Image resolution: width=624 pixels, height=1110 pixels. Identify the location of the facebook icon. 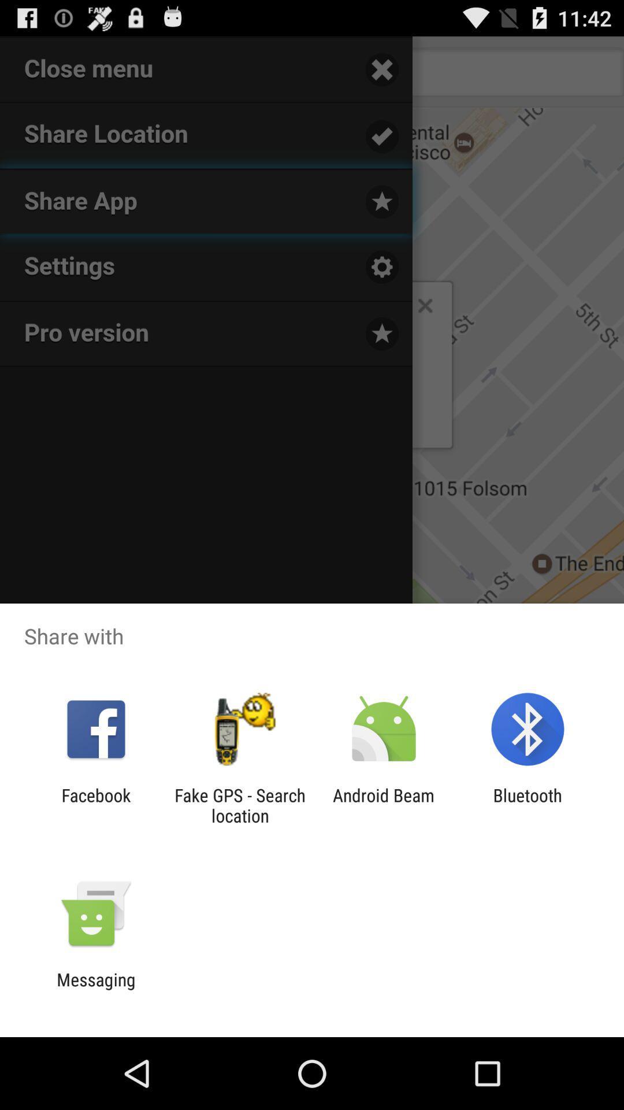
(95, 805).